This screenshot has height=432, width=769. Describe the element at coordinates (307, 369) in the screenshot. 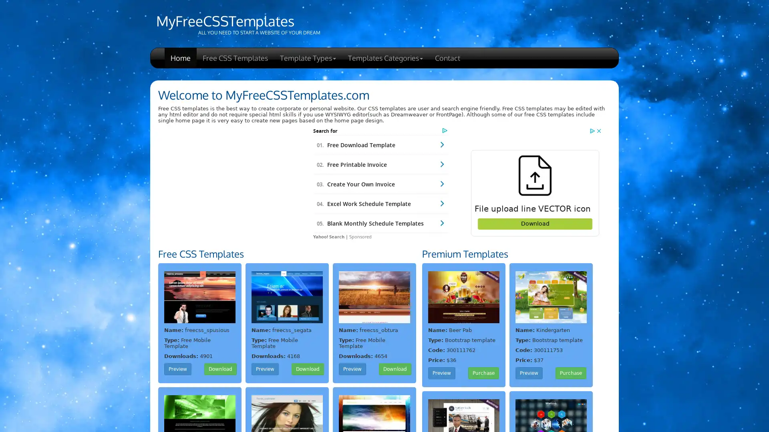

I see `Download` at that location.